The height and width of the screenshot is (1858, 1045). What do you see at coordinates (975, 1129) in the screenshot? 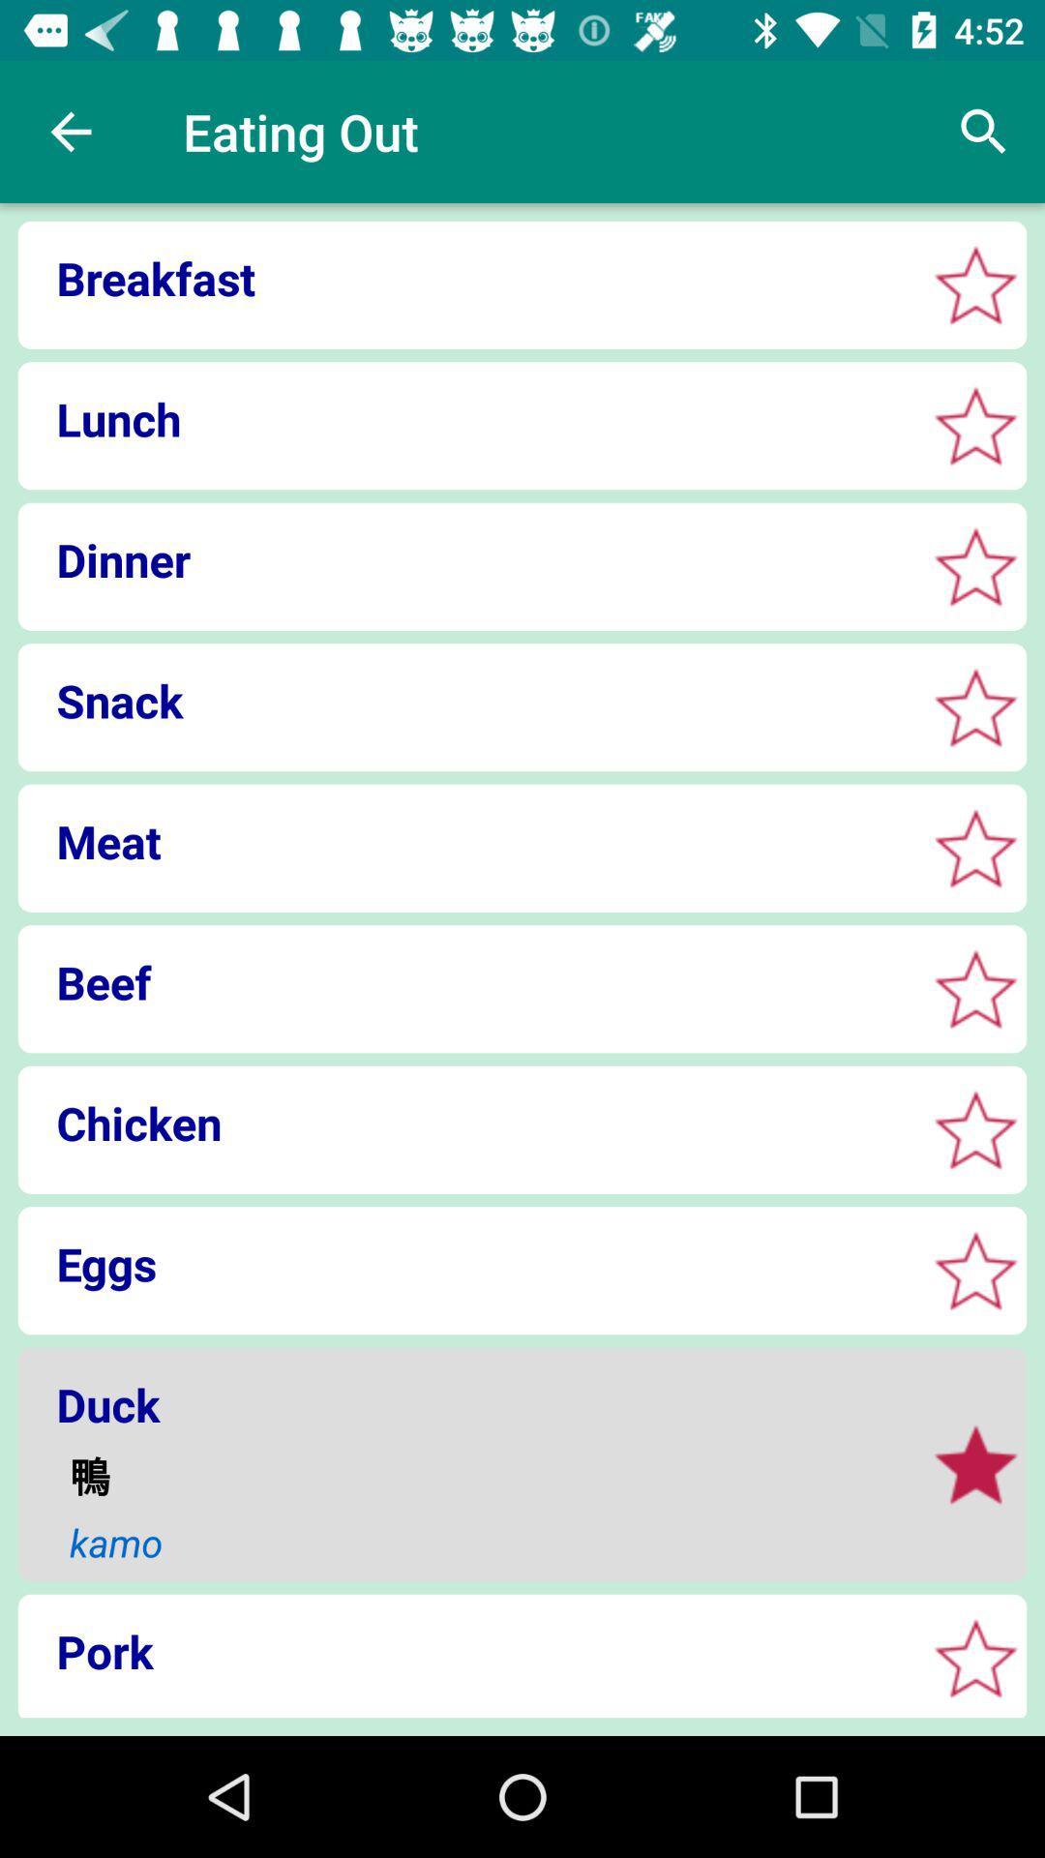
I see `favorite` at bounding box center [975, 1129].